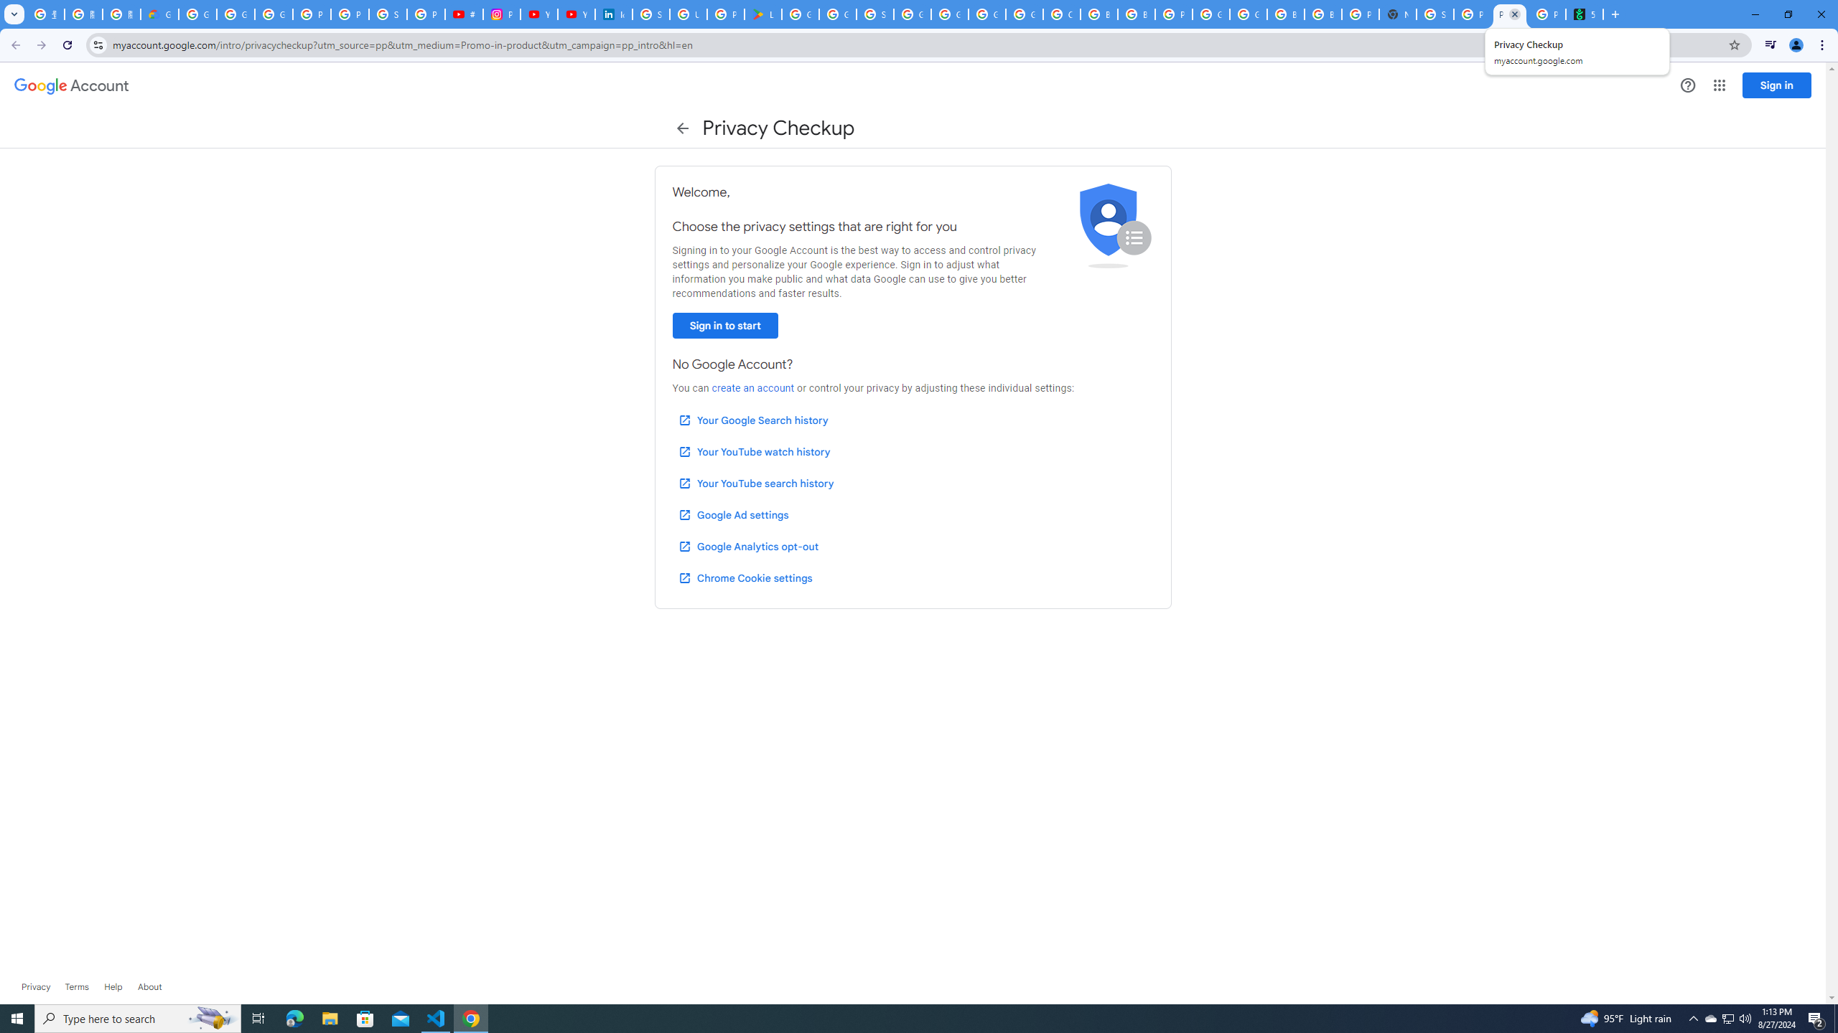  Describe the element at coordinates (76, 986) in the screenshot. I see `'Terms'` at that location.